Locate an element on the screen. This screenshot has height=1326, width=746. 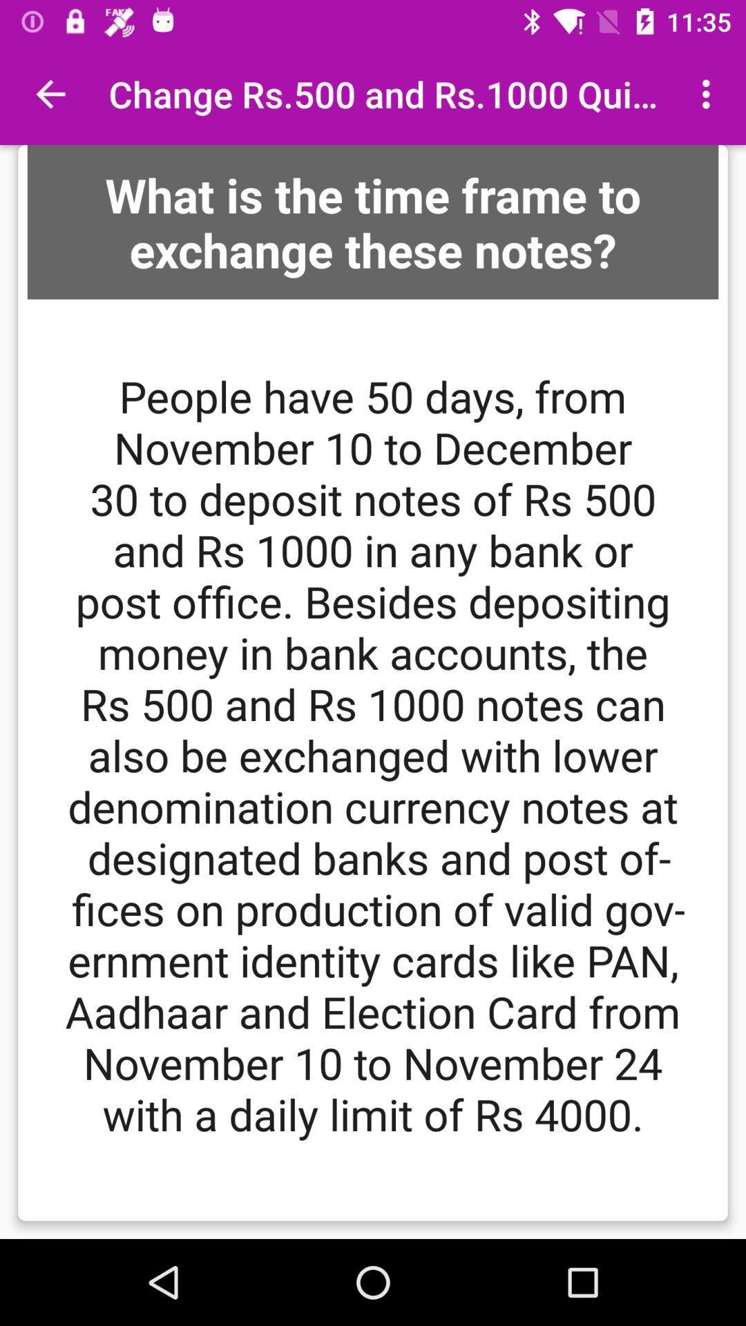
item at the top left corner is located at coordinates (50, 93).